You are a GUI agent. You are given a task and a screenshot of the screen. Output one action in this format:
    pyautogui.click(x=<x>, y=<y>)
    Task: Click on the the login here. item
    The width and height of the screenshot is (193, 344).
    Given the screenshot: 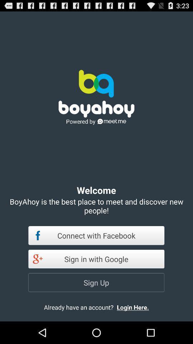 What is the action you would take?
    pyautogui.click(x=139, y=307)
    